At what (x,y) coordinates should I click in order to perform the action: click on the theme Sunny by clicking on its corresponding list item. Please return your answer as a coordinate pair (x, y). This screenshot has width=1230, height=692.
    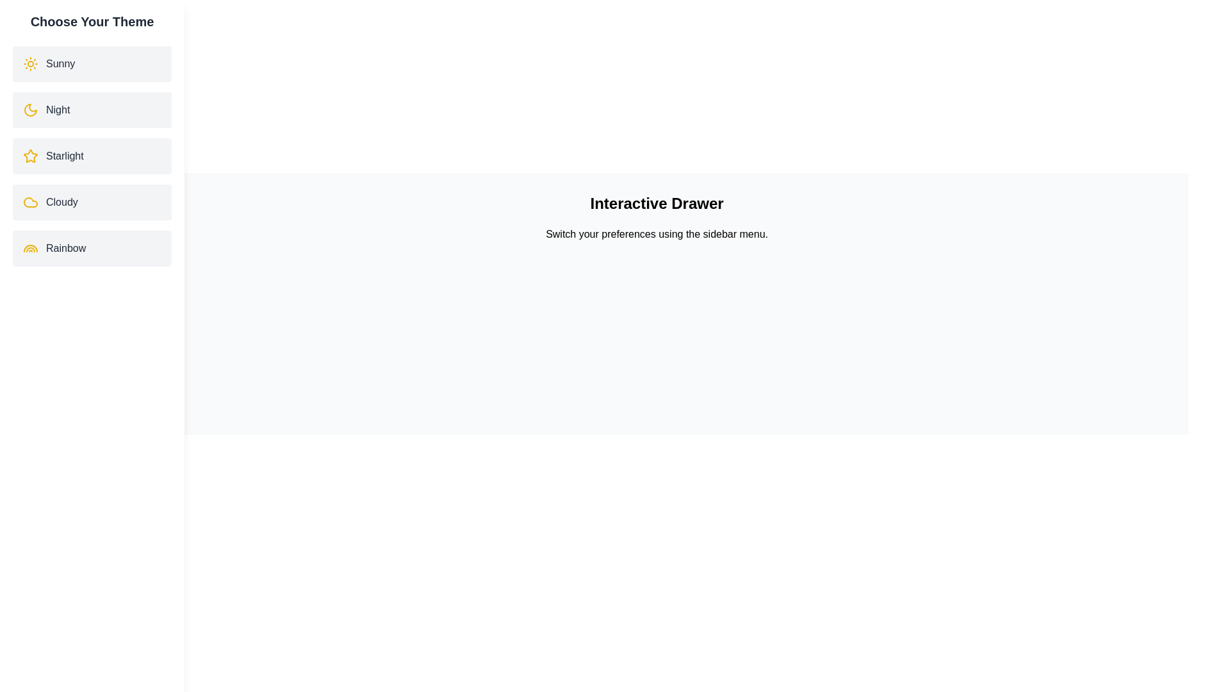
    Looking at the image, I should click on (92, 64).